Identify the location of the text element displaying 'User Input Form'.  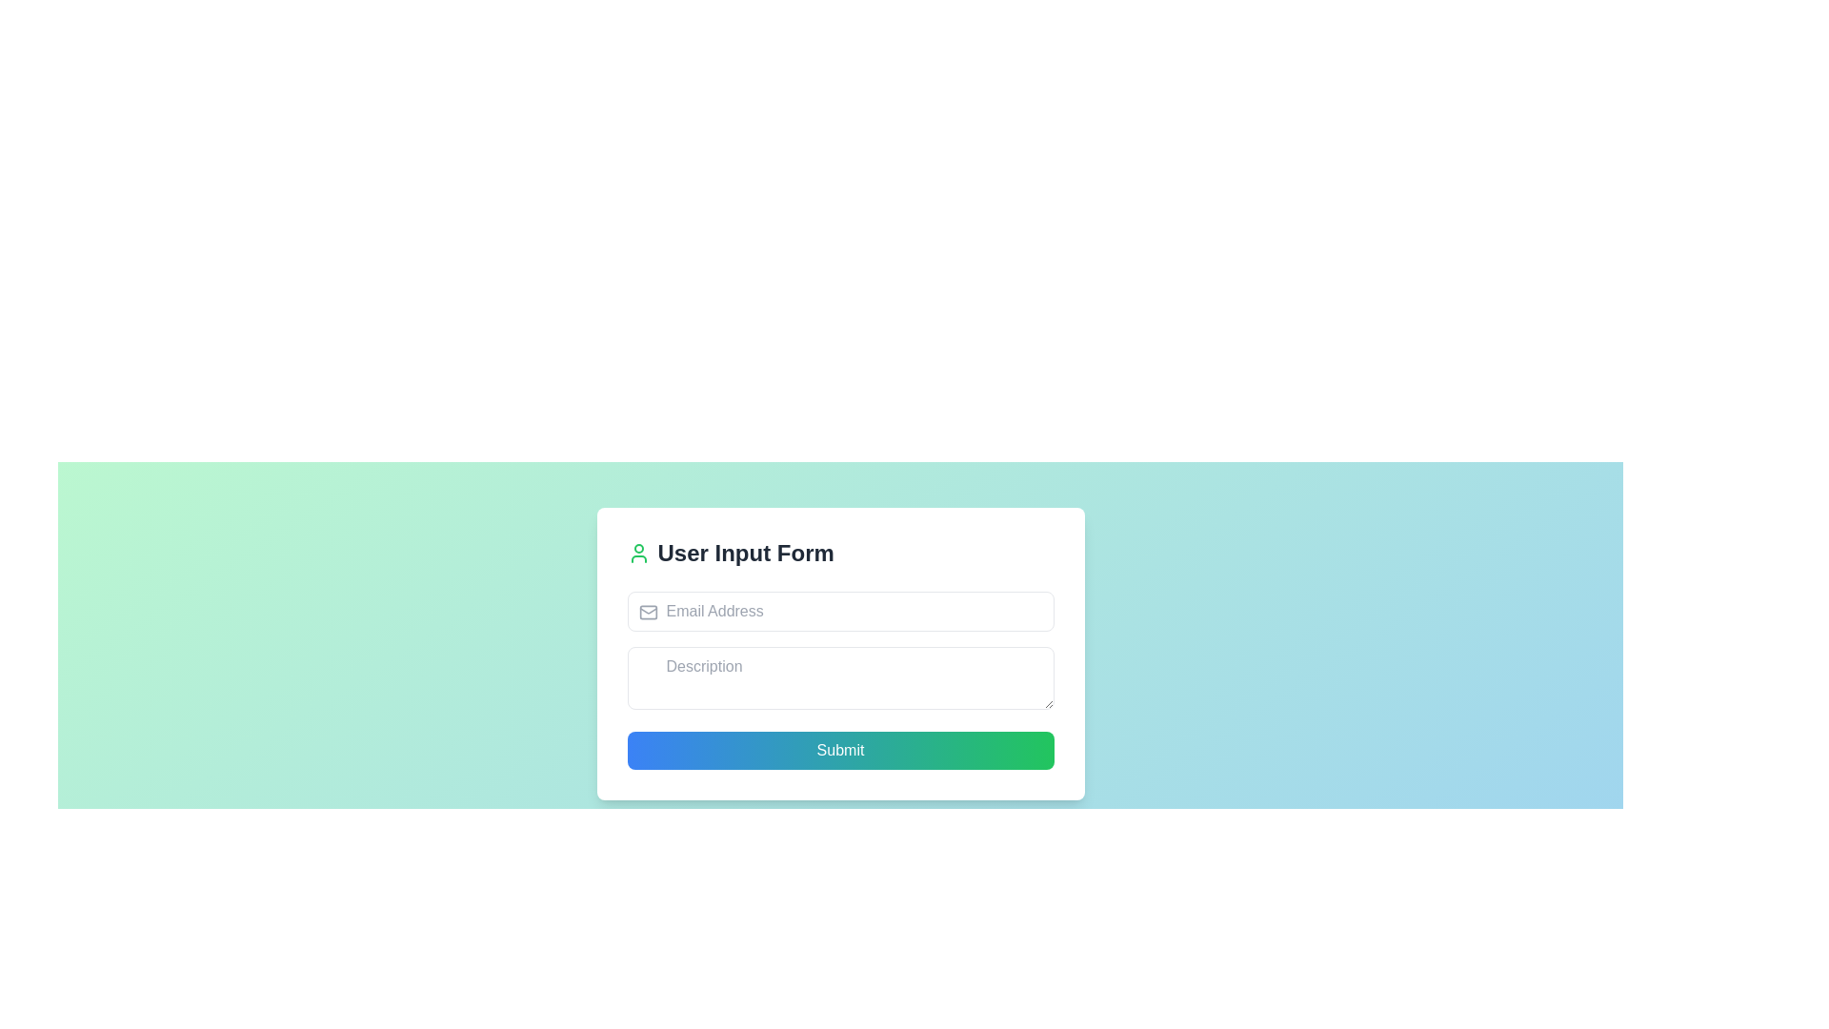
(745, 554).